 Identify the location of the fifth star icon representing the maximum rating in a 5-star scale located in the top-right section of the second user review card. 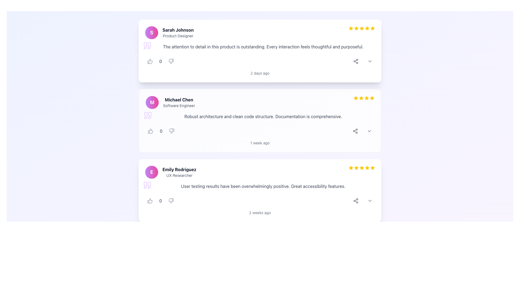
(372, 98).